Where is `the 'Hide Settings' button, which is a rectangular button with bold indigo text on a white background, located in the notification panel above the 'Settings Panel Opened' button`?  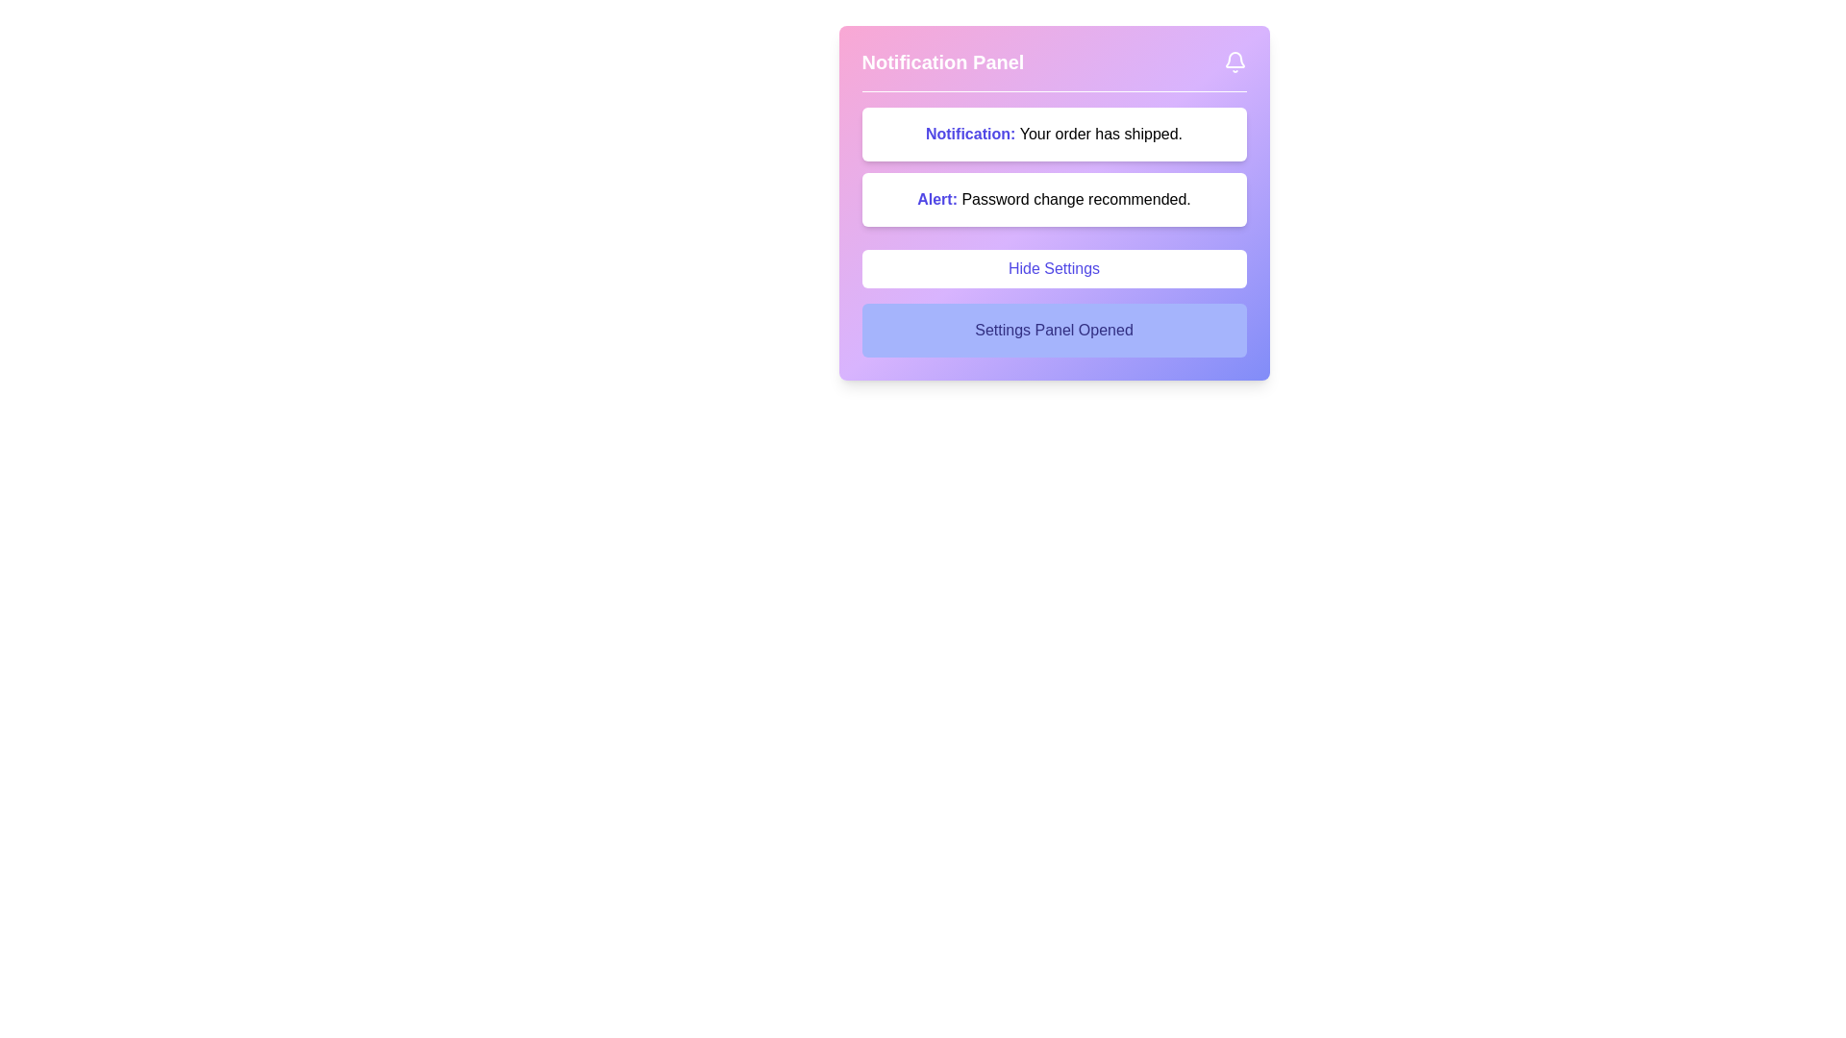 the 'Hide Settings' button, which is a rectangular button with bold indigo text on a white background, located in the notification panel above the 'Settings Panel Opened' button is located at coordinates (1053, 269).